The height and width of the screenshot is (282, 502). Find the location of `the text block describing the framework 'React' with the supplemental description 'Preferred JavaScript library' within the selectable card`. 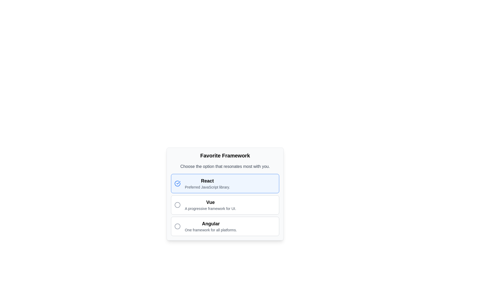

the text block describing the framework 'React' with the supplemental description 'Preferred JavaScript library' within the selectable card is located at coordinates (207, 183).